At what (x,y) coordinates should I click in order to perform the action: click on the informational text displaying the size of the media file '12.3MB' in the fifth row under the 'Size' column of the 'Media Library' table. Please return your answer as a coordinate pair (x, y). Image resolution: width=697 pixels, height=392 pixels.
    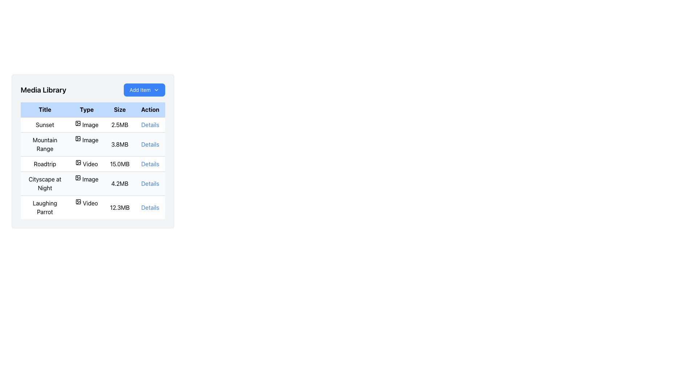
    Looking at the image, I should click on (120, 207).